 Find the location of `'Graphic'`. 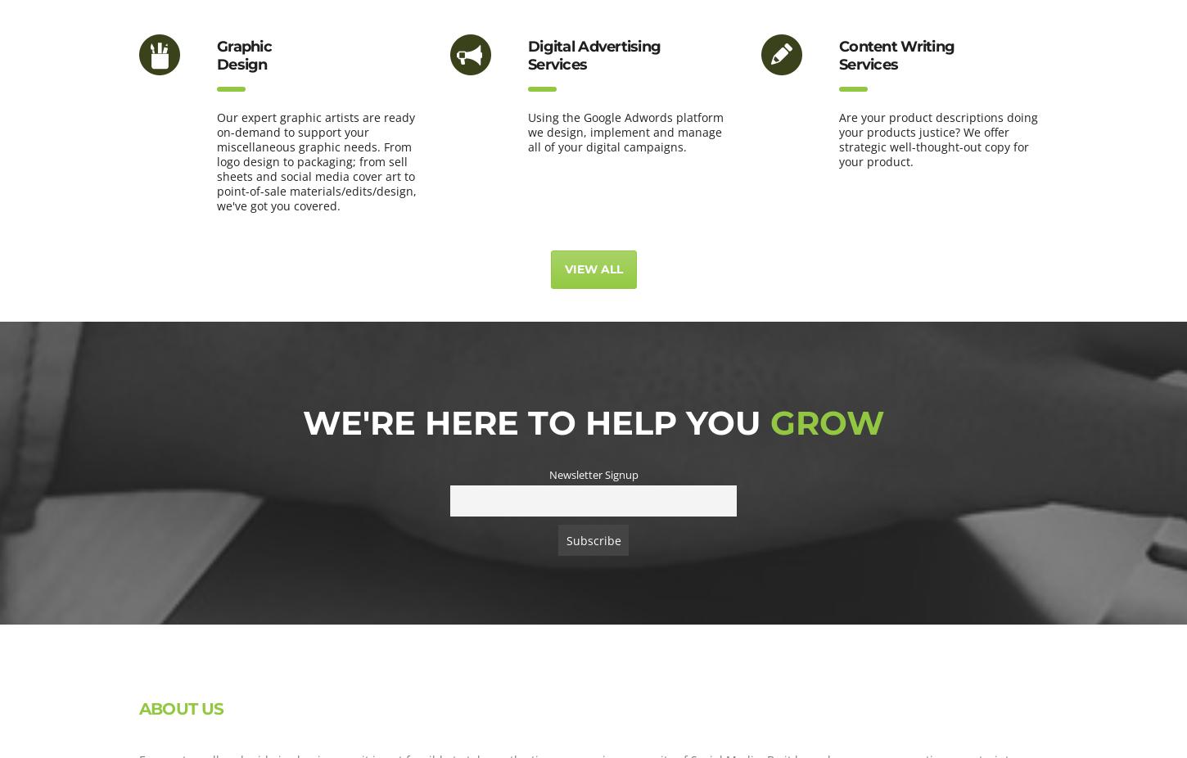

'Graphic' is located at coordinates (243, 46).